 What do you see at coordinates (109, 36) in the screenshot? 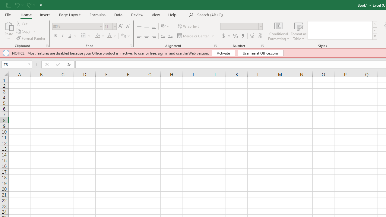
I see `'Font Color'` at bounding box center [109, 36].